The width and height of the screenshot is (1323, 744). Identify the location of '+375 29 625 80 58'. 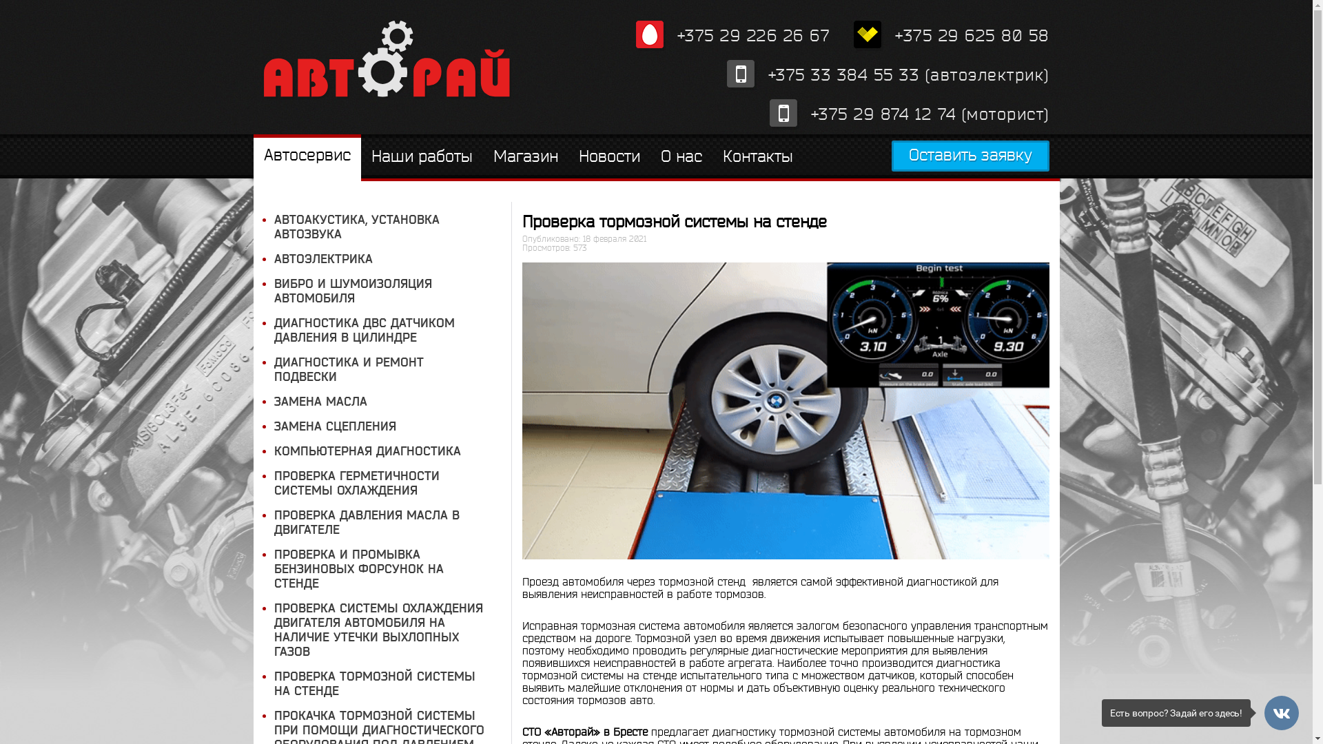
(951, 34).